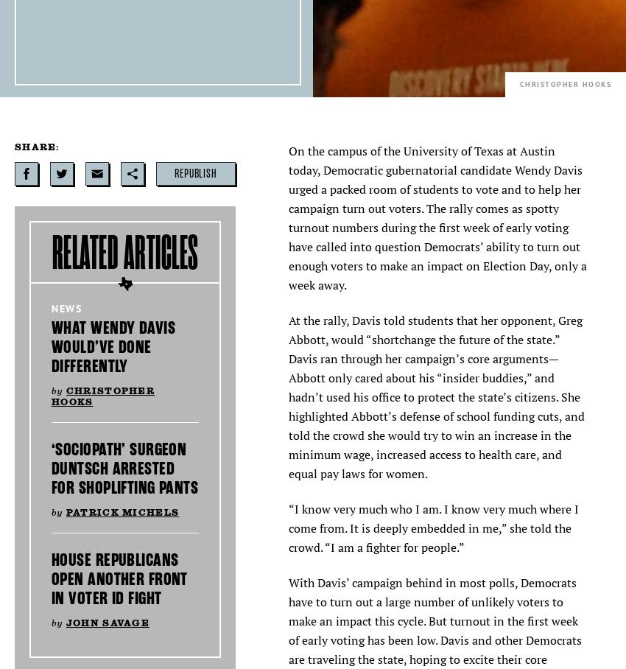 The height and width of the screenshot is (669, 626). What do you see at coordinates (119, 578) in the screenshot?
I see `'House Republicans Open Another Front in Voter ID Fight'` at bounding box center [119, 578].